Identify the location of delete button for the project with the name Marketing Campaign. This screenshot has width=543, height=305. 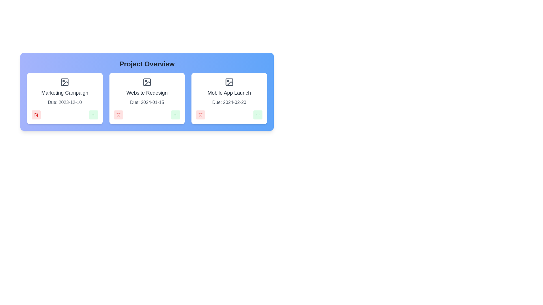
(36, 115).